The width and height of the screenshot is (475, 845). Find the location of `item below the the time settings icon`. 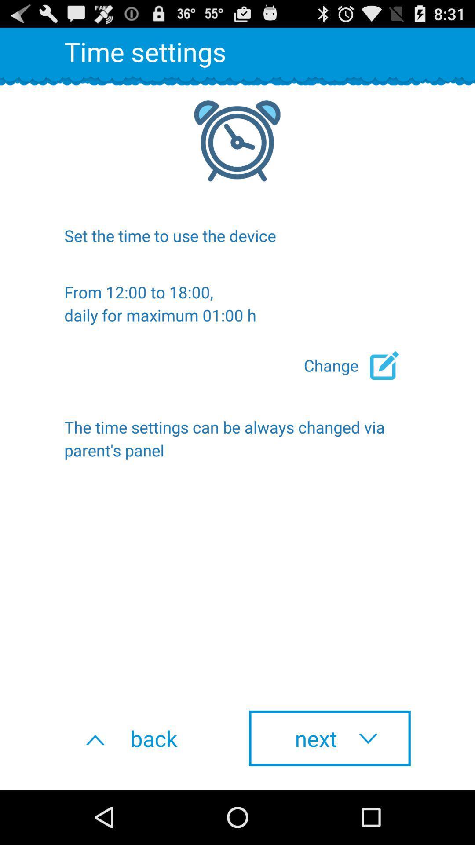

item below the the time settings icon is located at coordinates (145, 738).